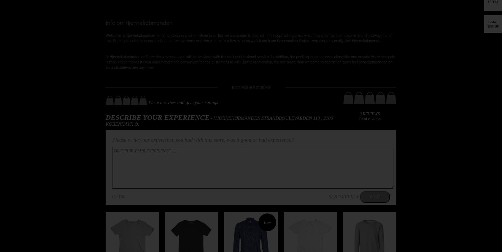 This screenshot has height=252, width=502. What do you see at coordinates (369, 197) in the screenshot?
I see `'POST'` at bounding box center [369, 197].